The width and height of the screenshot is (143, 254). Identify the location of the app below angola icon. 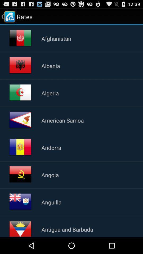
(51, 202).